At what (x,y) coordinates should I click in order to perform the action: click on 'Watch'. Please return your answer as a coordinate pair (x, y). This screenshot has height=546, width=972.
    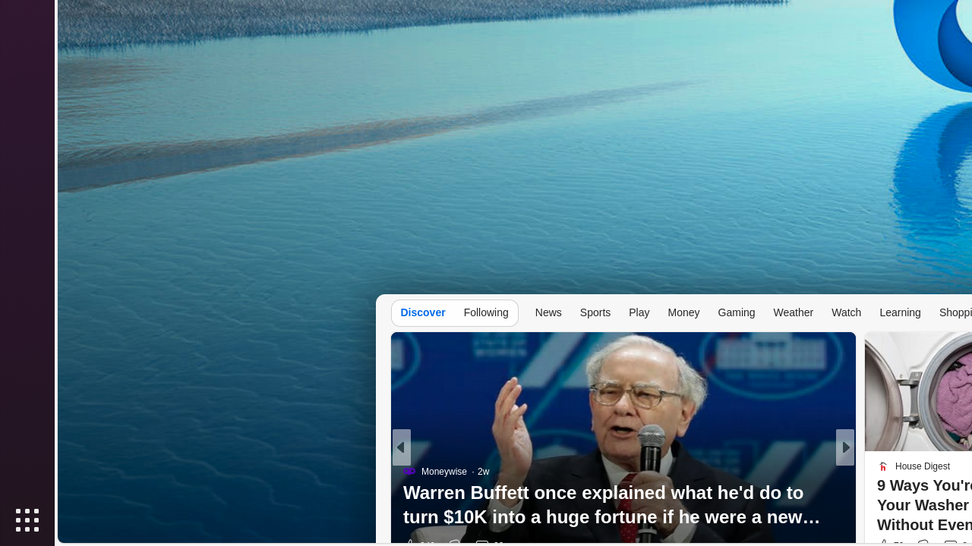
    Looking at the image, I should click on (846, 311).